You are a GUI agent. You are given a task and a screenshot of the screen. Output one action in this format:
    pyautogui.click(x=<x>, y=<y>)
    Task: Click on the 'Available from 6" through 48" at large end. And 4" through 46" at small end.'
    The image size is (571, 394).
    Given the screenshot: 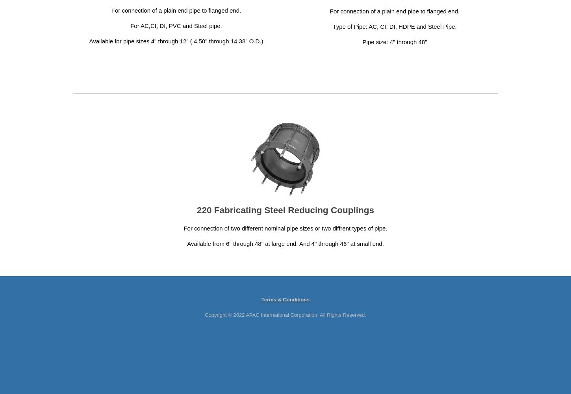 What is the action you would take?
    pyautogui.click(x=187, y=243)
    